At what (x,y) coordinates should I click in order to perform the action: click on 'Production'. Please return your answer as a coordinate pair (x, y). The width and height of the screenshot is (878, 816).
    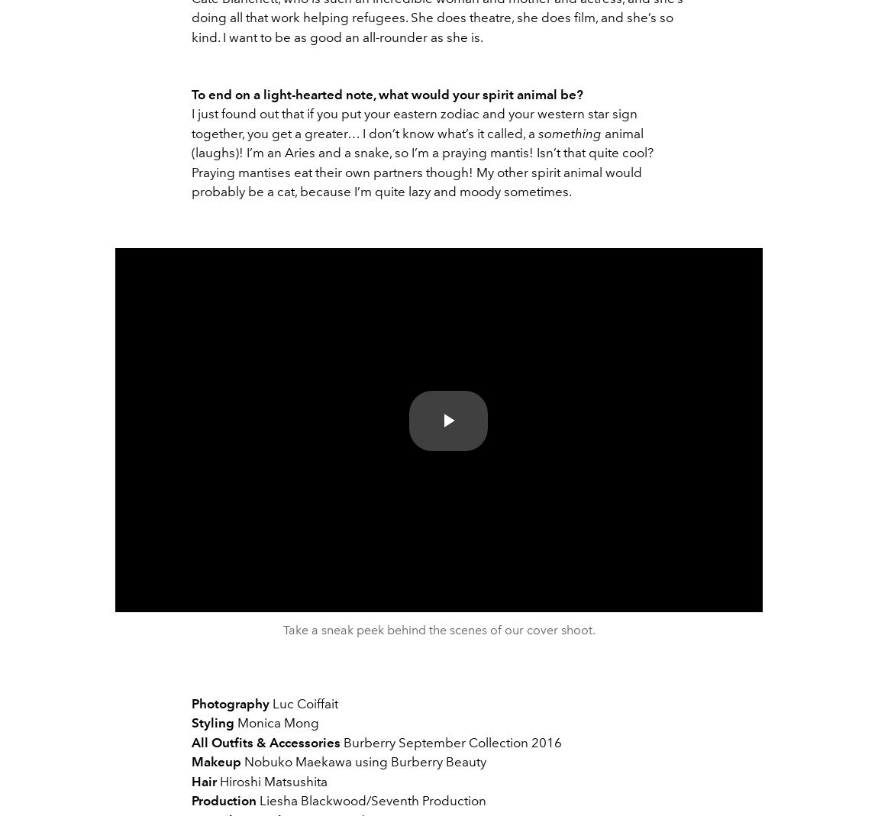
    Looking at the image, I should click on (224, 801).